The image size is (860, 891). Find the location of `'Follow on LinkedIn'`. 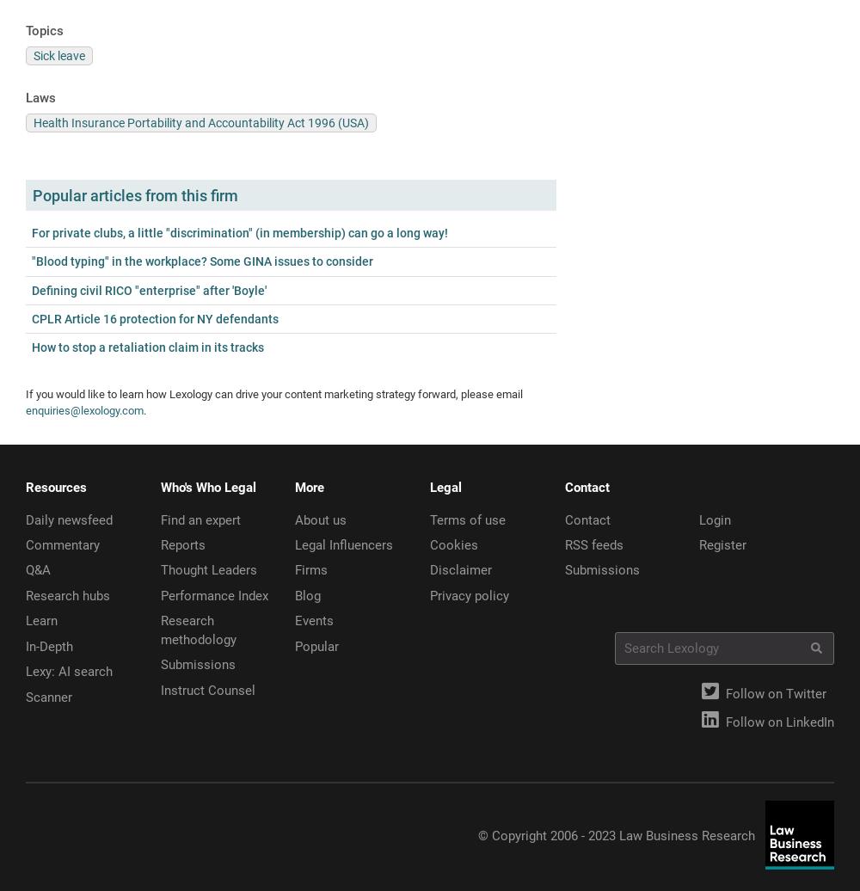

'Follow on LinkedIn' is located at coordinates (779, 722).